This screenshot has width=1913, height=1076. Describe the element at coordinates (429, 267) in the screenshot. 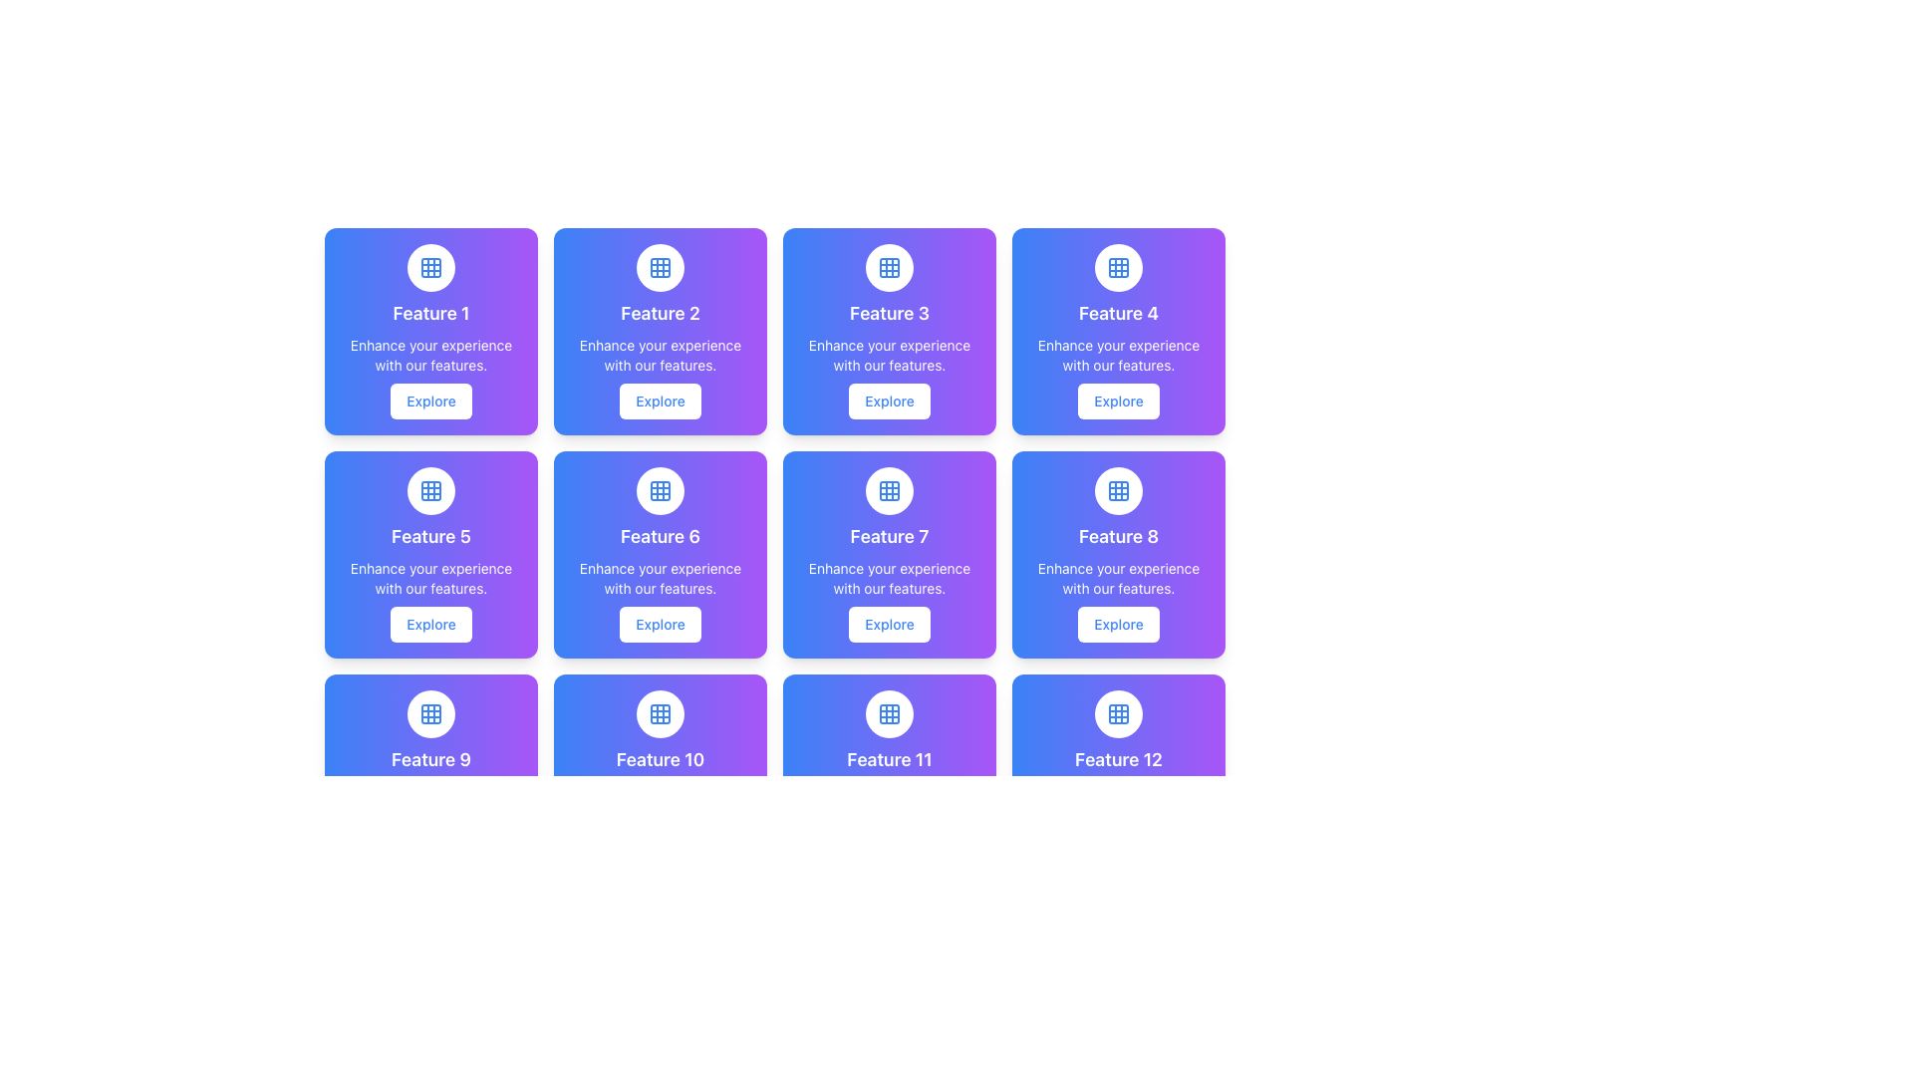

I see `the blue-colored grid icon composed of nine smaller squares arranged in a 3x3 pattern, located within the circular section at the top of the first feature box above the text 'Feature 1'` at that location.